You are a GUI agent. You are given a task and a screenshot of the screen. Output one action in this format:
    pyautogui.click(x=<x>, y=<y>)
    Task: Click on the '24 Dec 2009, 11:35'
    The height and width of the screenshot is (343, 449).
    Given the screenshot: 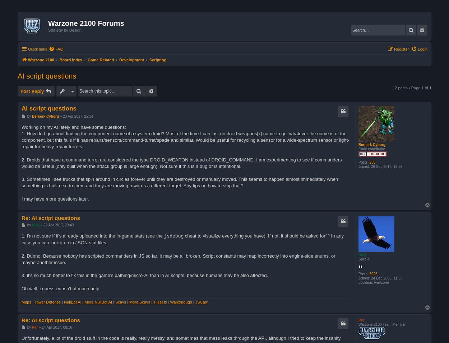 What is the action you would take?
    pyautogui.click(x=370, y=277)
    